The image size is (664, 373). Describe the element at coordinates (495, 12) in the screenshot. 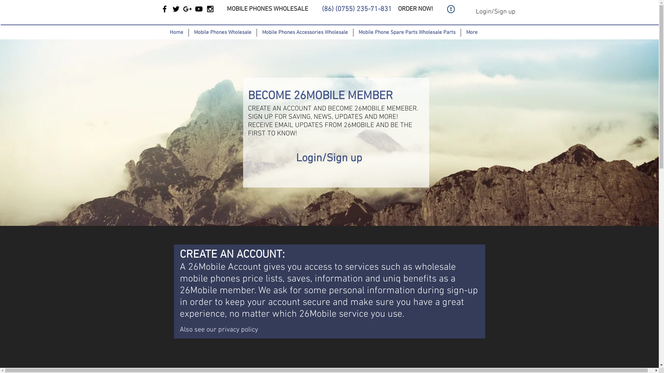

I see `'Login/Sign up'` at that location.